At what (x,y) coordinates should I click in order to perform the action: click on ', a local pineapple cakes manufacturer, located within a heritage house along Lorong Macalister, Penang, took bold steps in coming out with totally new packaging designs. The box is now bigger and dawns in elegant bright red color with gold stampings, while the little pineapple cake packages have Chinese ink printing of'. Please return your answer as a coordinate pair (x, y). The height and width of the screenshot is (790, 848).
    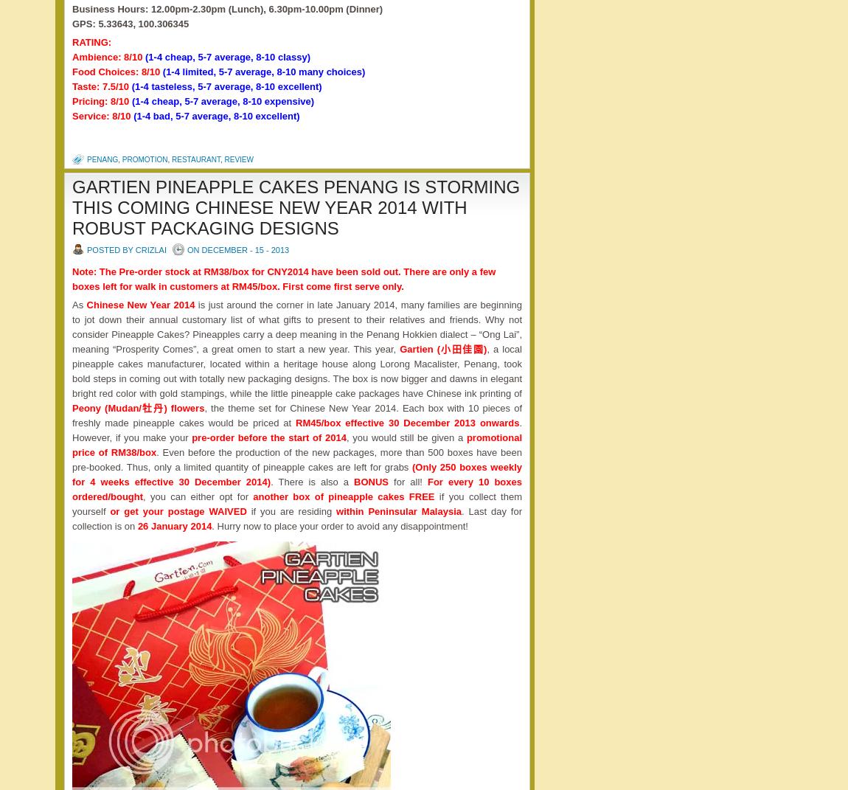
    Looking at the image, I should click on (296, 370).